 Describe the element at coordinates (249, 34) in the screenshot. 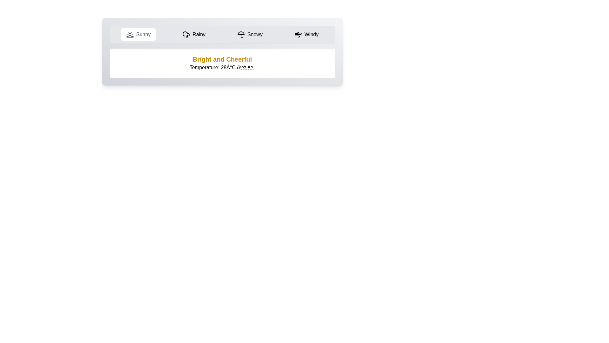

I see `the Snowy tab to display its content` at that location.